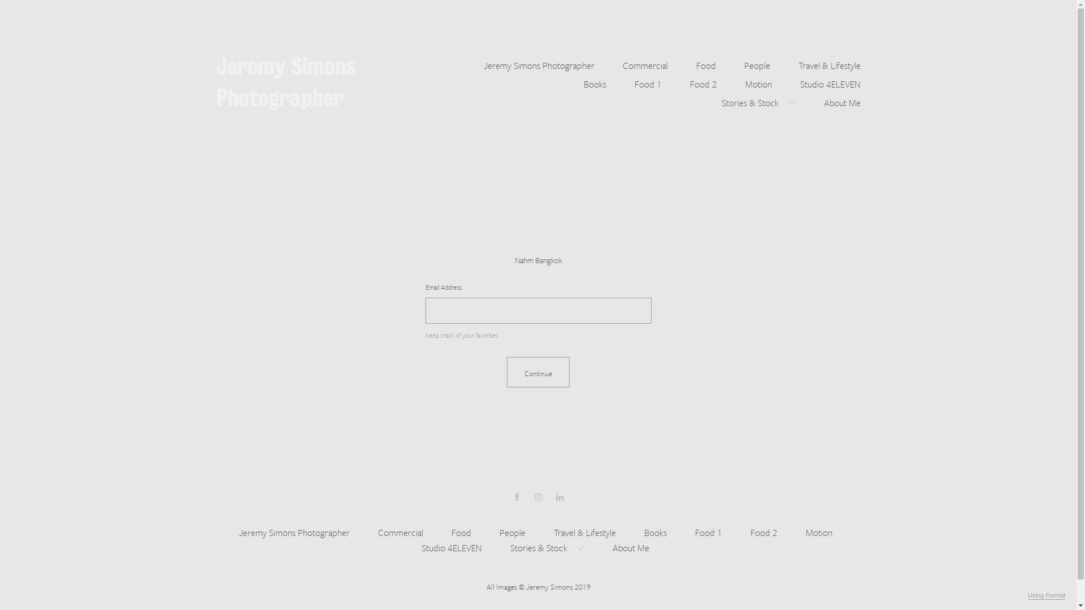 Image resolution: width=1085 pixels, height=610 pixels. What do you see at coordinates (537, 372) in the screenshot?
I see `'Continue'` at bounding box center [537, 372].